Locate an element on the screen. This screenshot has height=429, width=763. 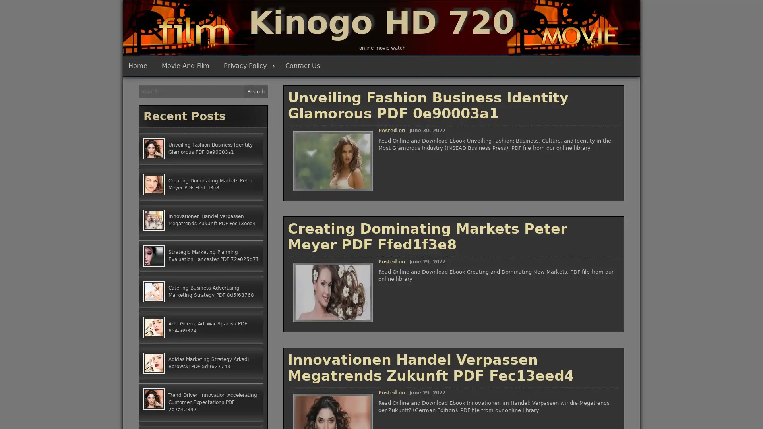
Search is located at coordinates (256, 91).